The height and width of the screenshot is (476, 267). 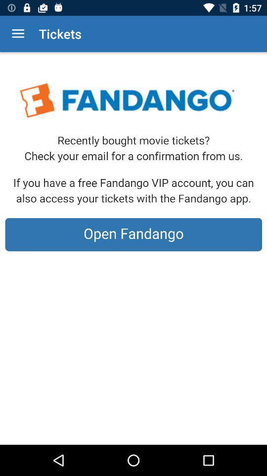 I want to click on share the article, so click(x=133, y=248).